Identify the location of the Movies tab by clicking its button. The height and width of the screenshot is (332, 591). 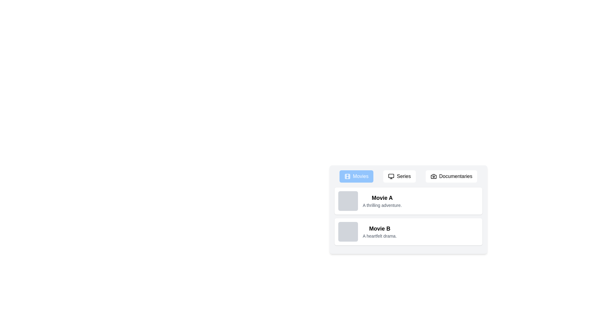
(356, 176).